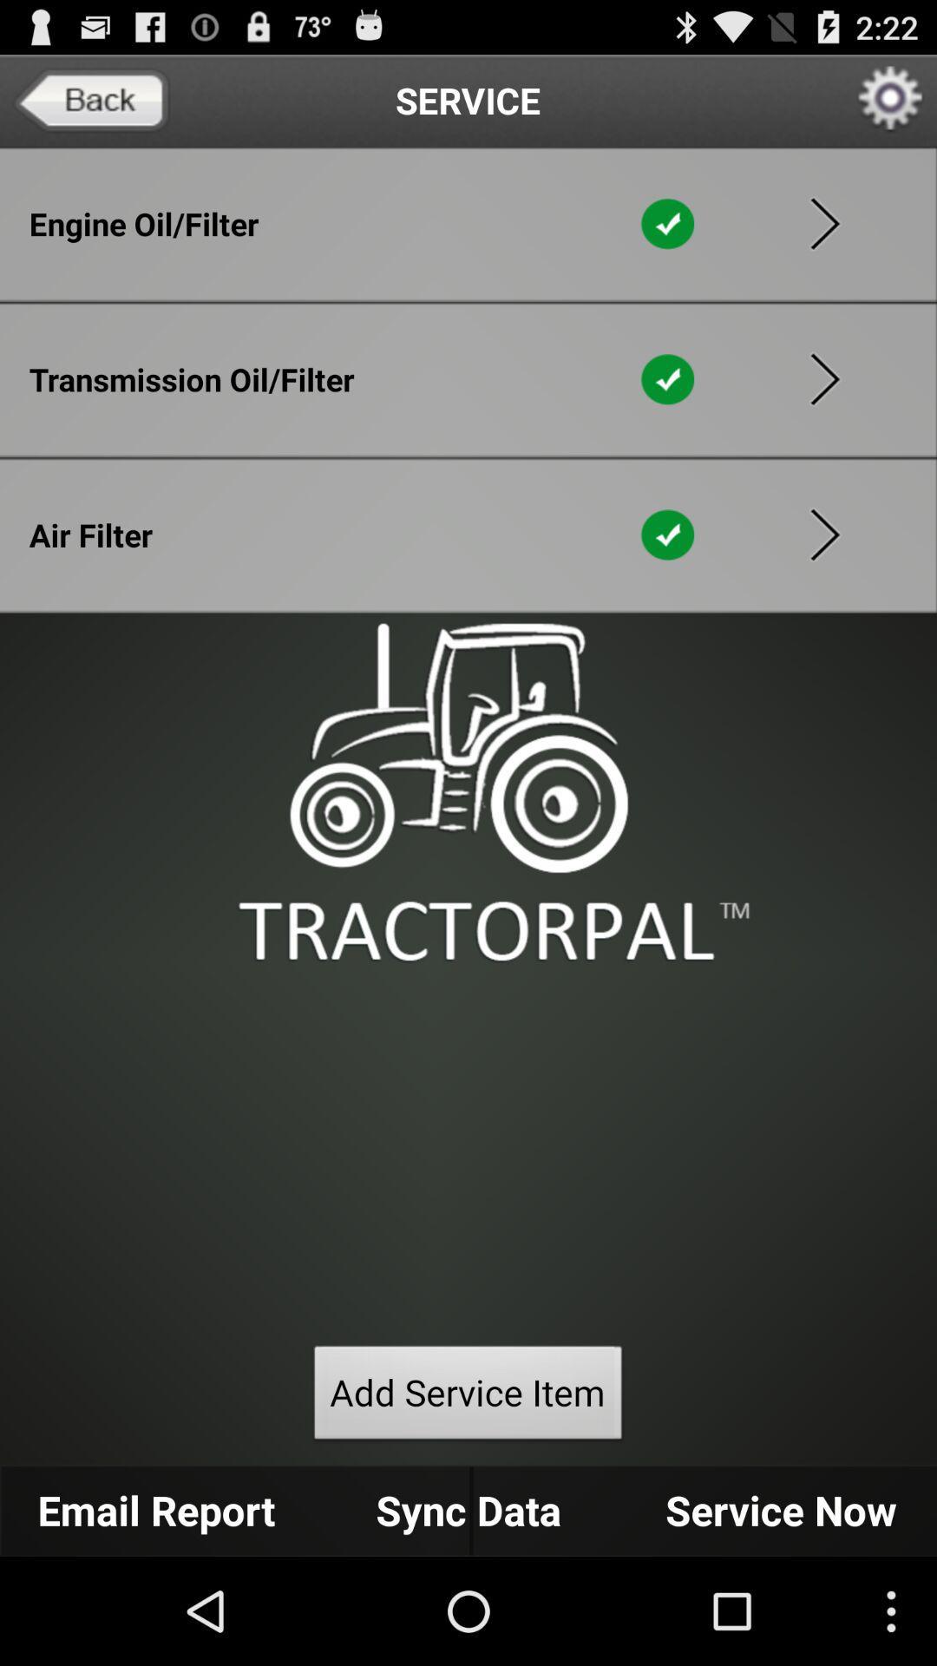 The height and width of the screenshot is (1666, 937). What do you see at coordinates (891, 107) in the screenshot?
I see `the settings icon` at bounding box center [891, 107].